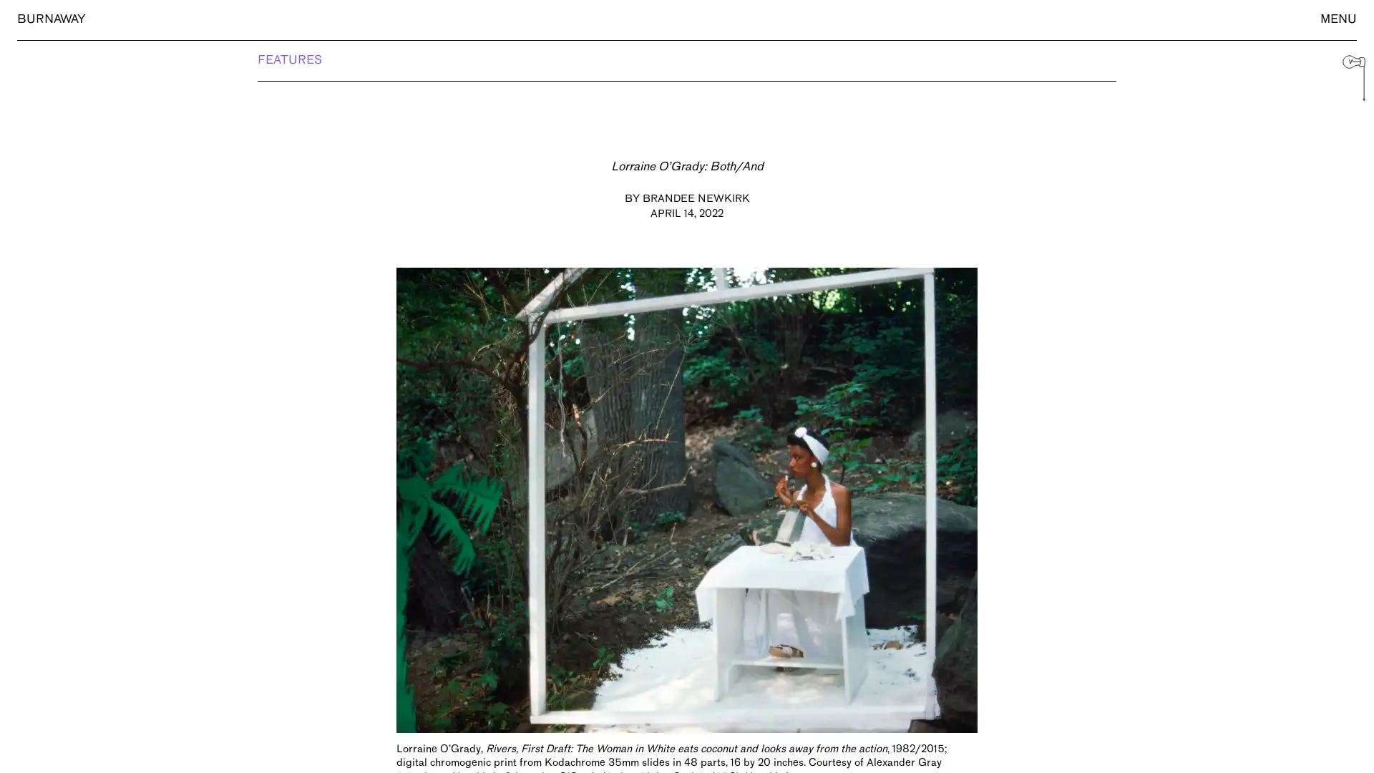 The width and height of the screenshot is (1374, 773). Describe the element at coordinates (1338, 19) in the screenshot. I see `MENU` at that location.